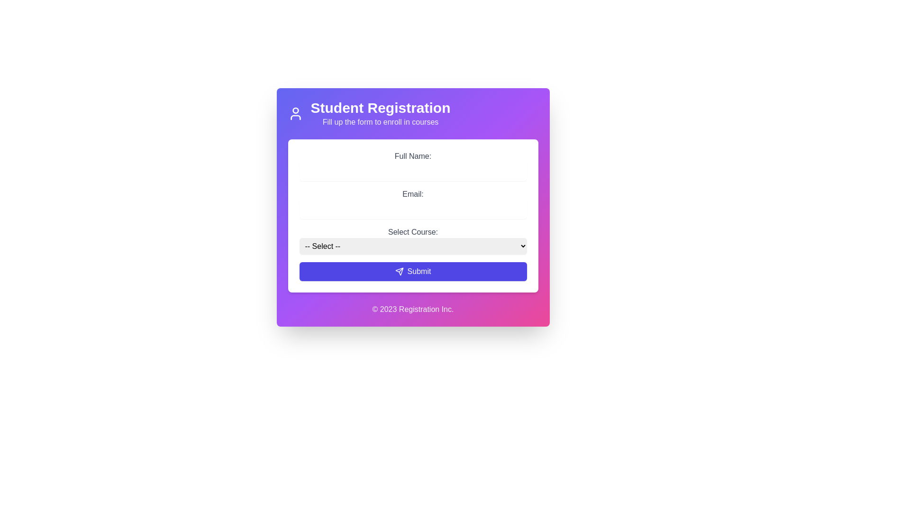  What do you see at coordinates (380, 113) in the screenshot?
I see `the textual heading 'Student Registration' which consists of two lines, with the first line in bold and larger font, and the second line in a lighter weight, smaller font, both centered against a blue to purple gradient background` at bounding box center [380, 113].